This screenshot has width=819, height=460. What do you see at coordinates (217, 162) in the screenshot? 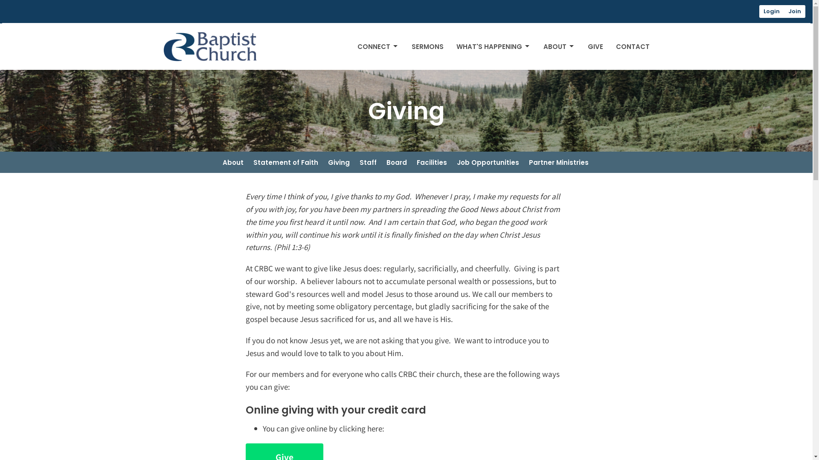
I see `'About'` at bounding box center [217, 162].